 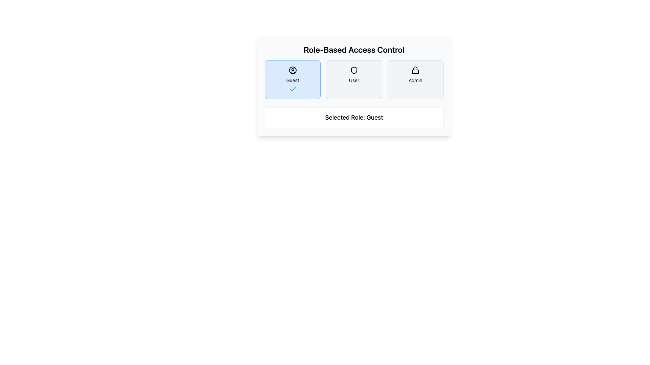 What do you see at coordinates (354, 70) in the screenshot?
I see `the shield-shaped icon located in the 'User' selection section, which is the middle option in a row of selectable roles` at bounding box center [354, 70].